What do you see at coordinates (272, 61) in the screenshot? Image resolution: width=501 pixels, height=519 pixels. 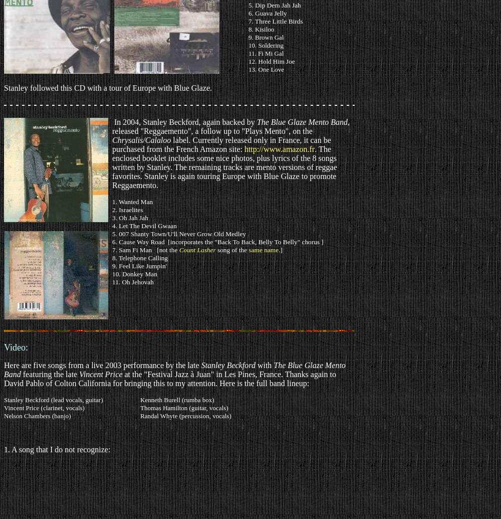 I see `'12. Hold Him Joe'` at bounding box center [272, 61].